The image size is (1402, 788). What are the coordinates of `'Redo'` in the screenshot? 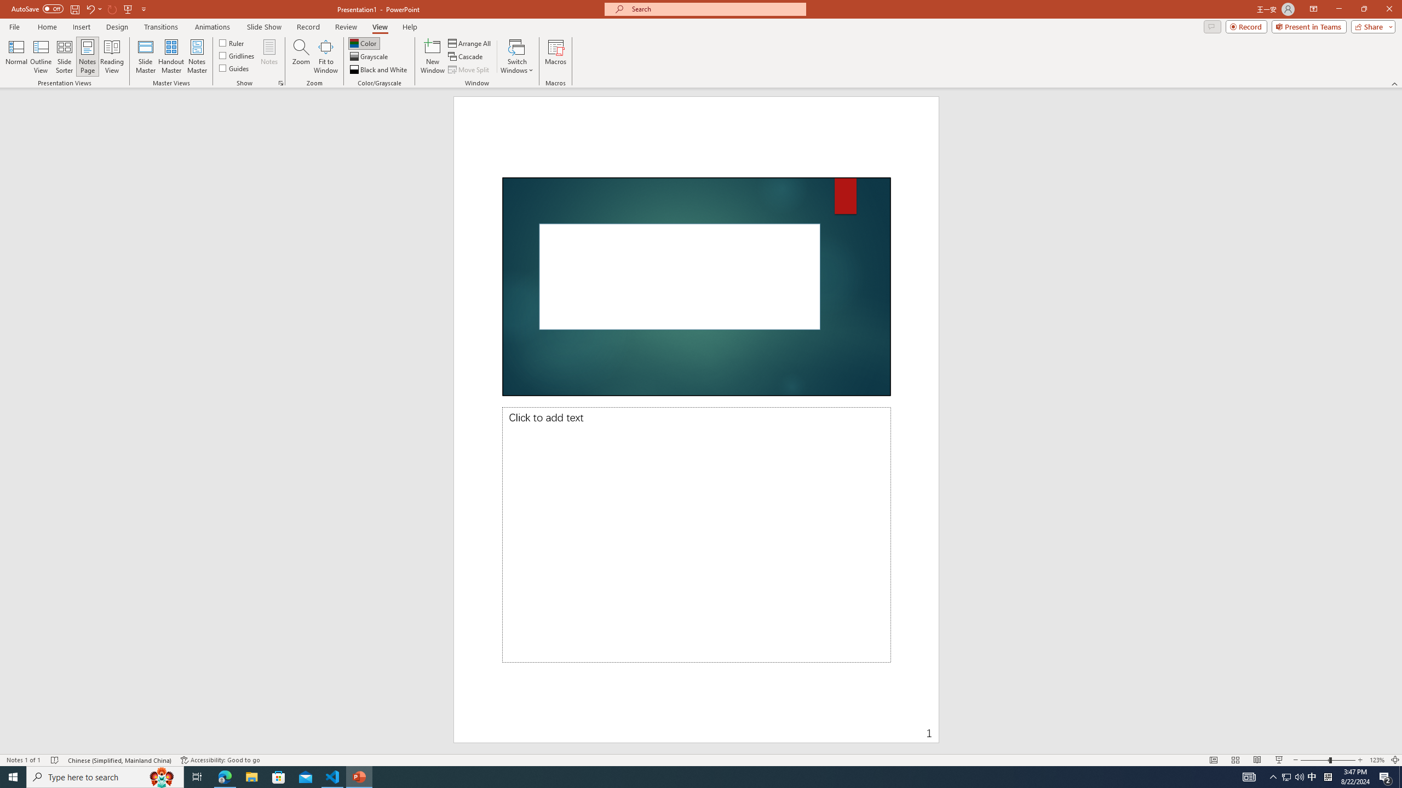 It's located at (112, 8).